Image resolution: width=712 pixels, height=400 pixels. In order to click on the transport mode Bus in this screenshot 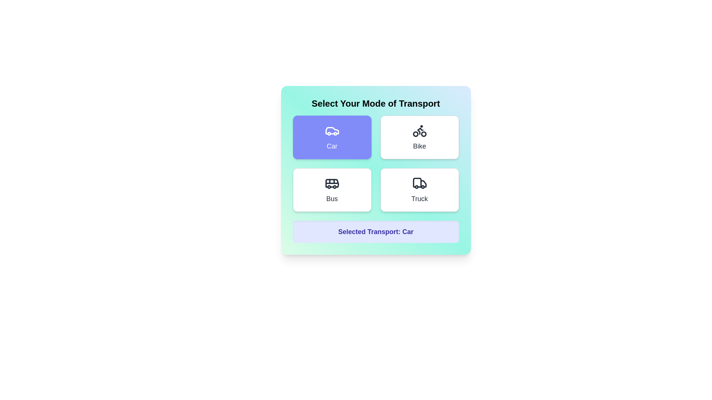, I will do `click(332, 190)`.